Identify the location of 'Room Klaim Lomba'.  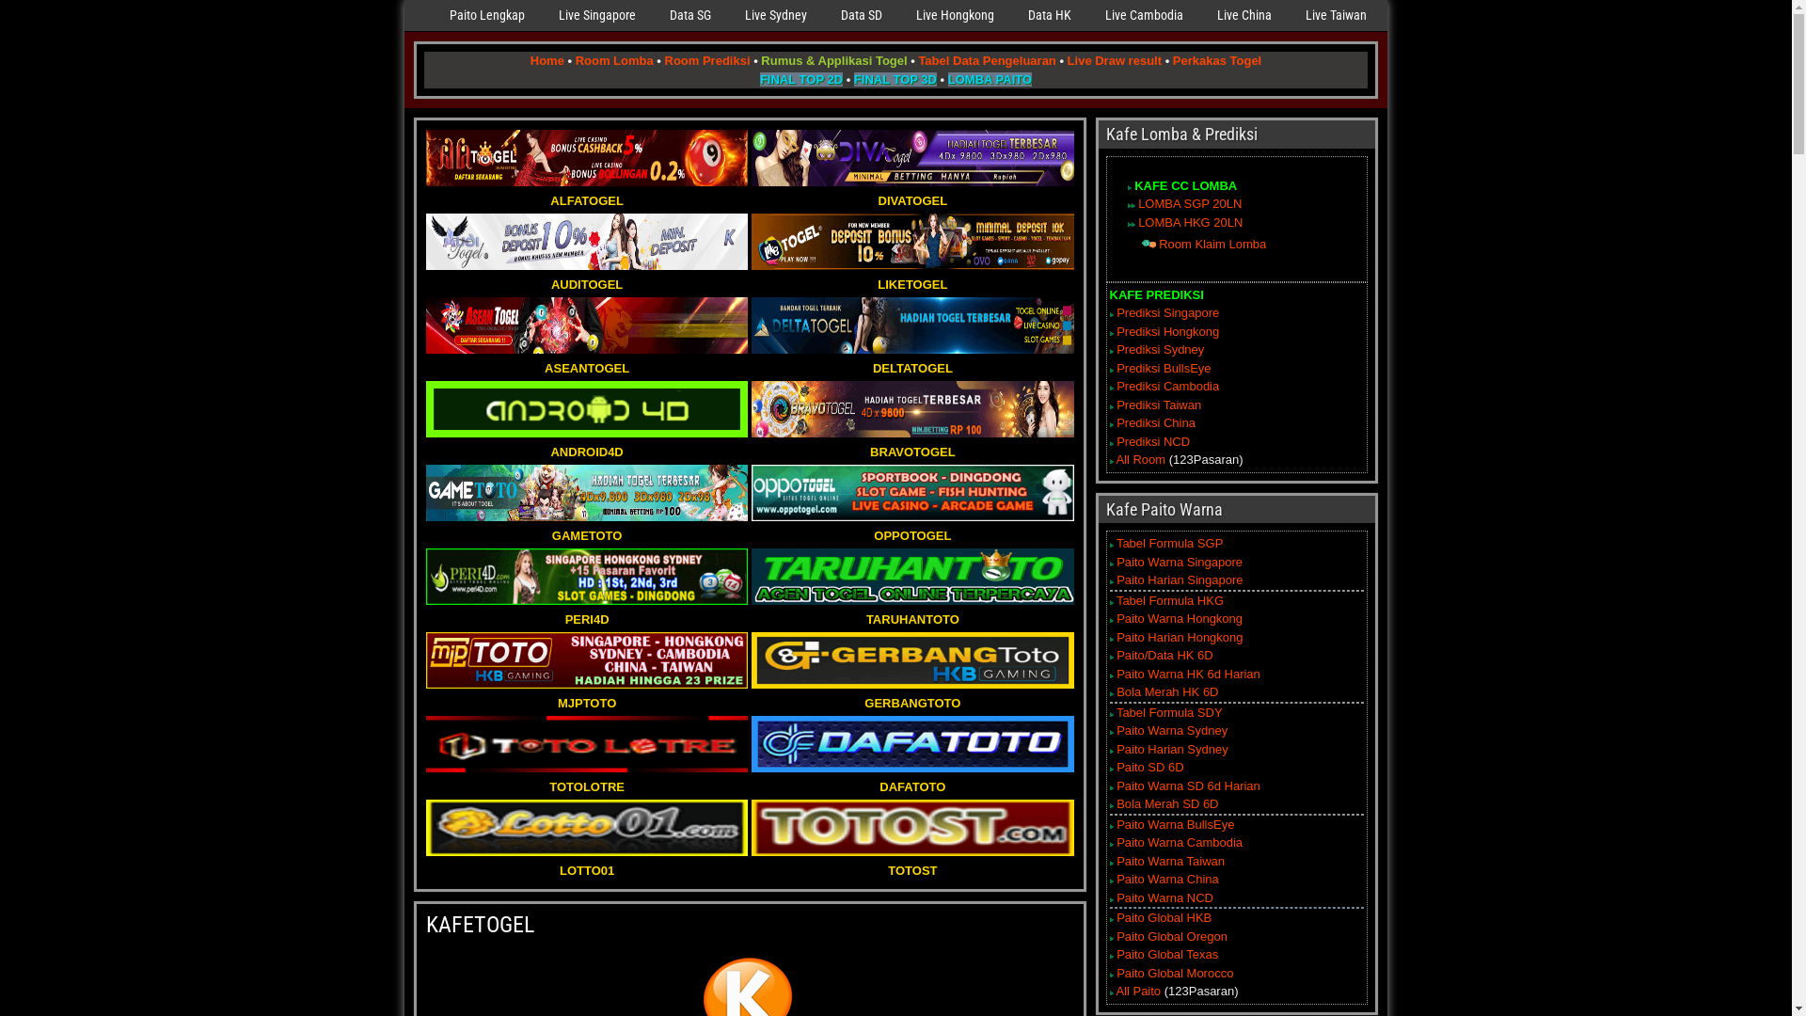
(1212, 243).